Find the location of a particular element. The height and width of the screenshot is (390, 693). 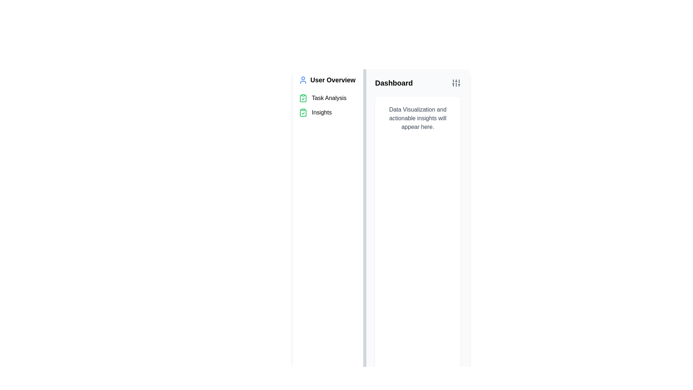

the green-outlined clipboard icon with a checkmark inside, located at the beginning of the 'Insights' row in the left vertical navigation panel, below 'Task Analysis' is located at coordinates (303, 113).